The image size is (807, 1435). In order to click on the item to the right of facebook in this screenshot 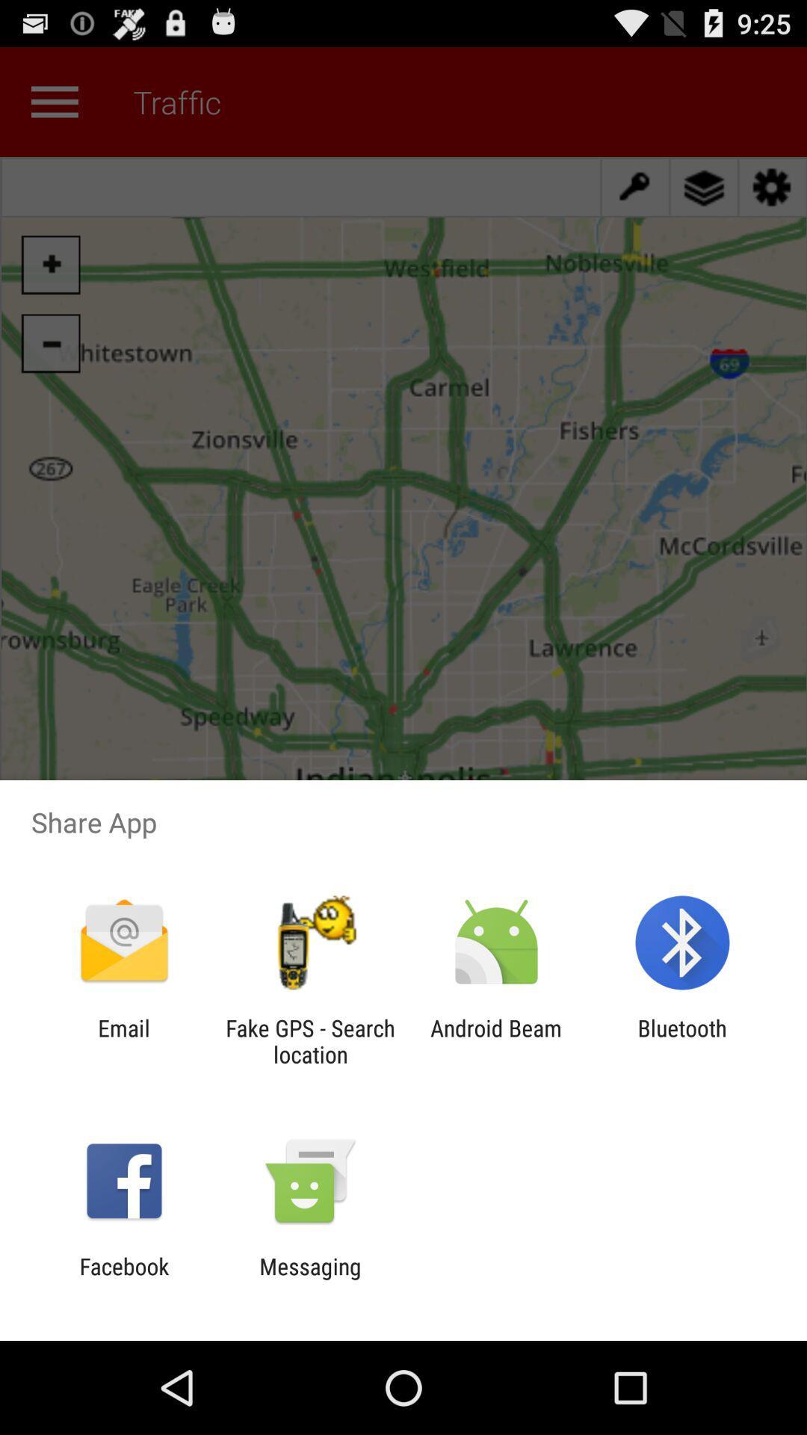, I will do `click(309, 1279)`.